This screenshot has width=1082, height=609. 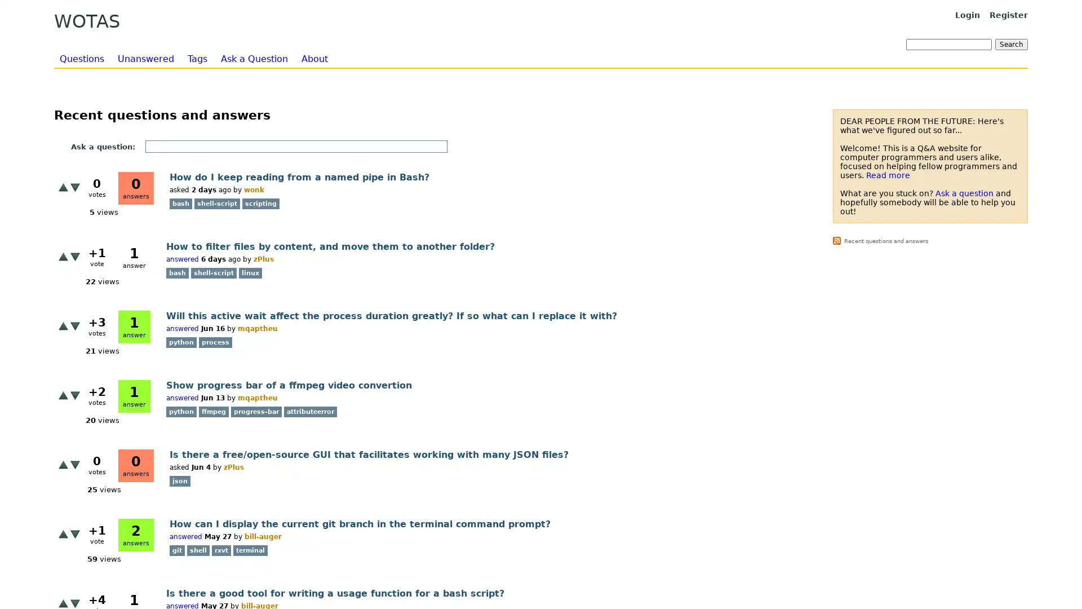 I want to click on Search, so click(x=1012, y=43).